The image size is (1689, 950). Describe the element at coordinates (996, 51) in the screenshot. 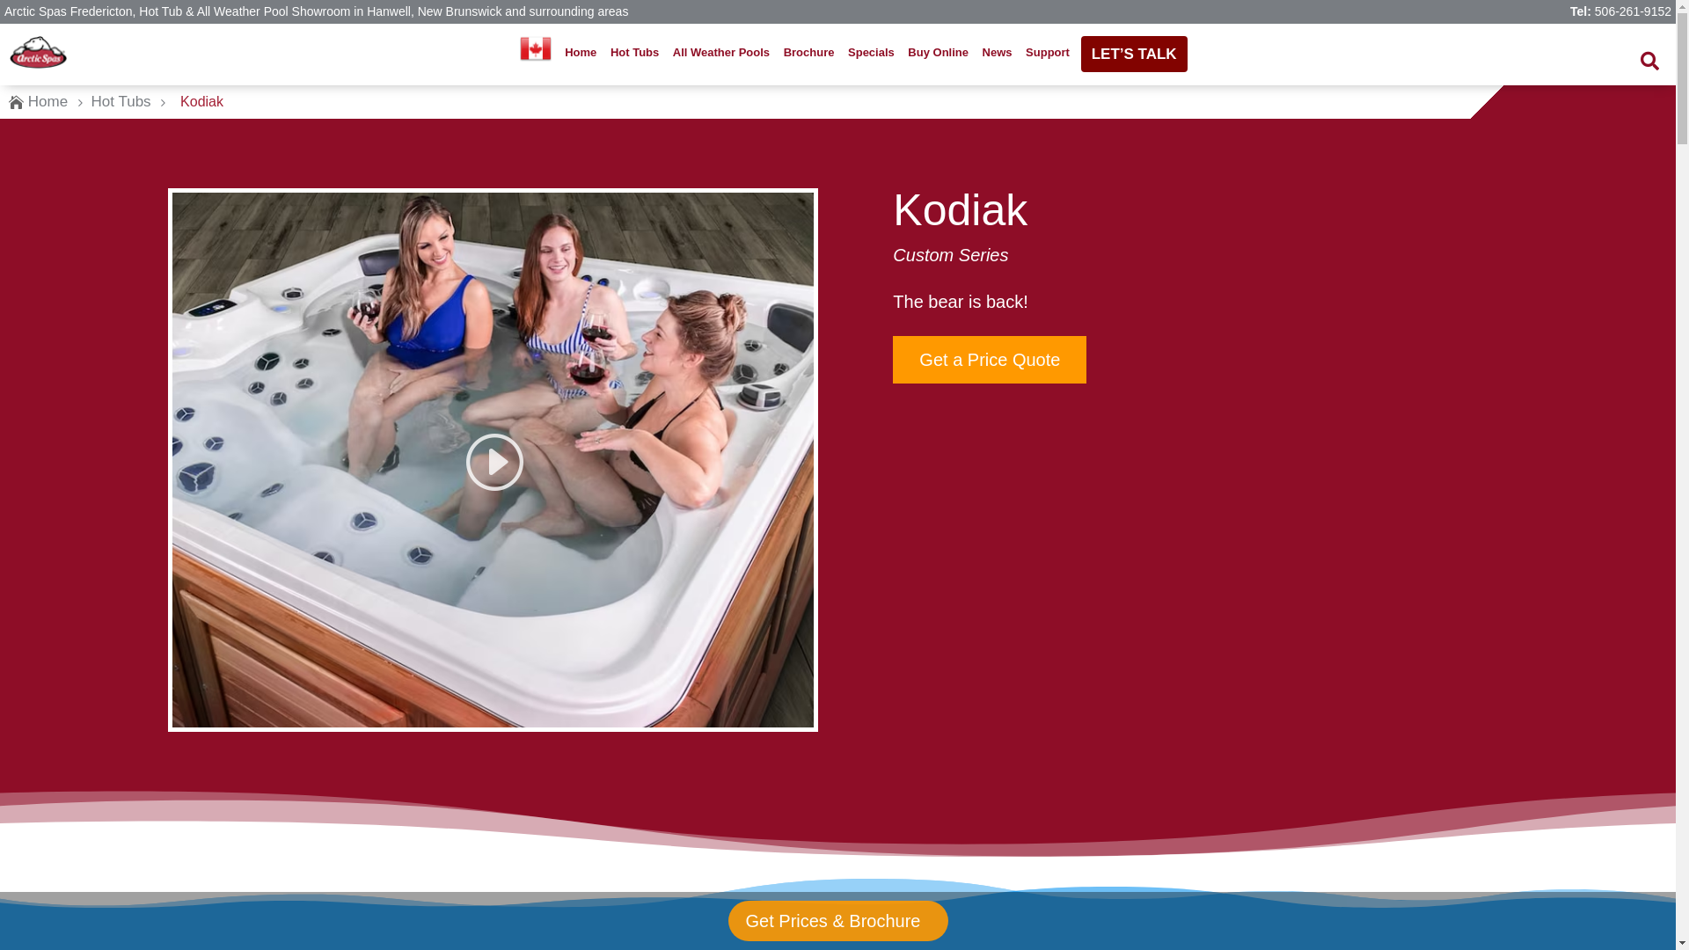

I see `'News'` at that location.